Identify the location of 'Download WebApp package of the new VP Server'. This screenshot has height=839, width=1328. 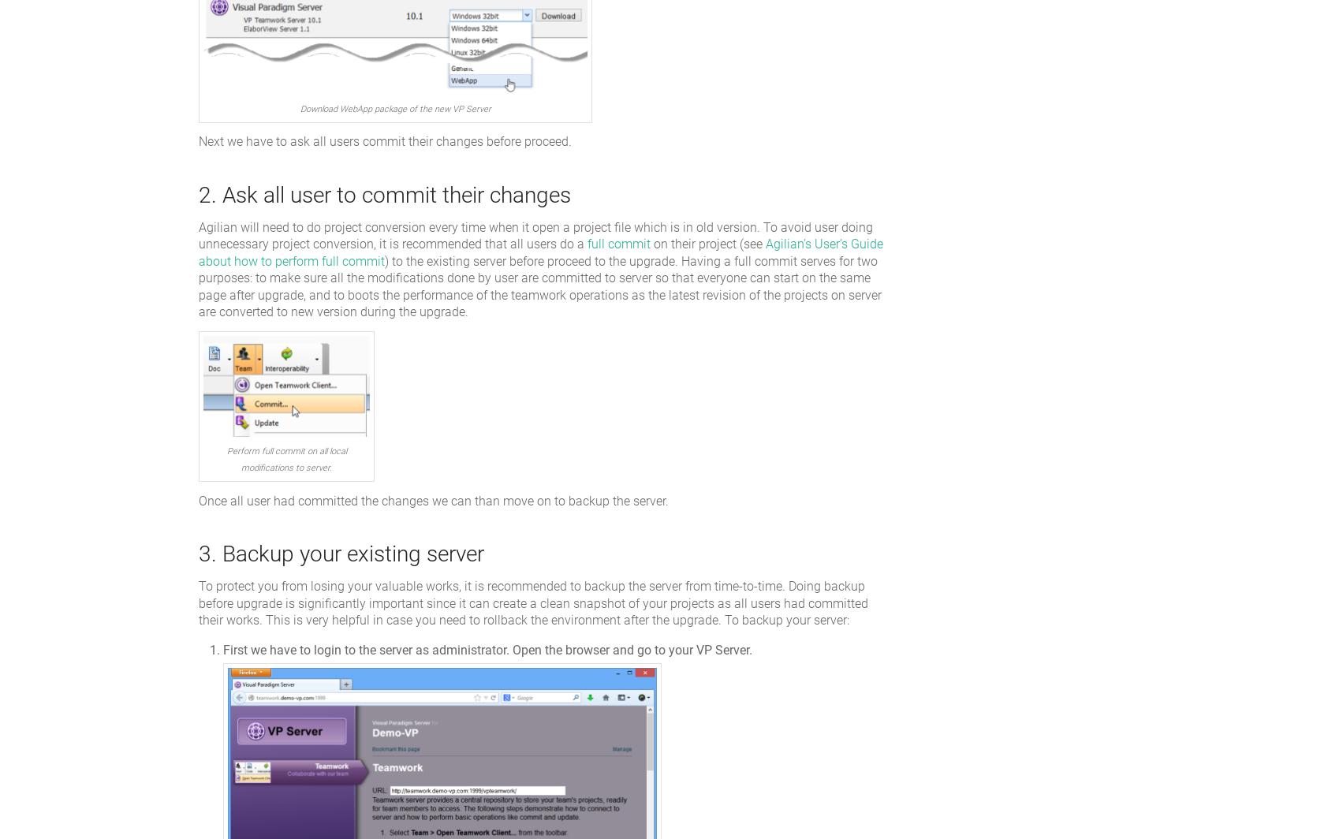
(394, 109).